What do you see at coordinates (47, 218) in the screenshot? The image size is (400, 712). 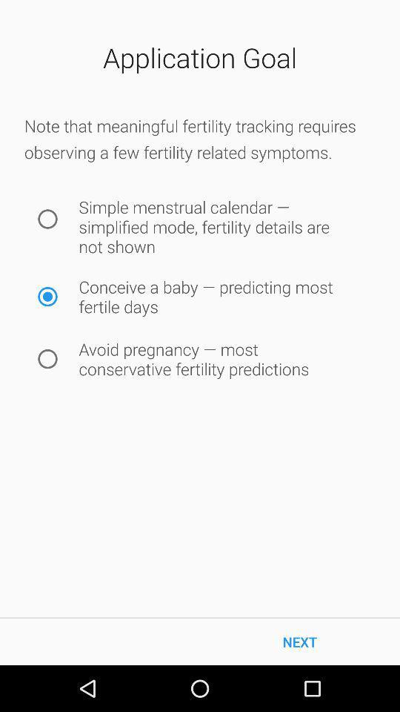 I see `the item below the note that meaningful item` at bounding box center [47, 218].